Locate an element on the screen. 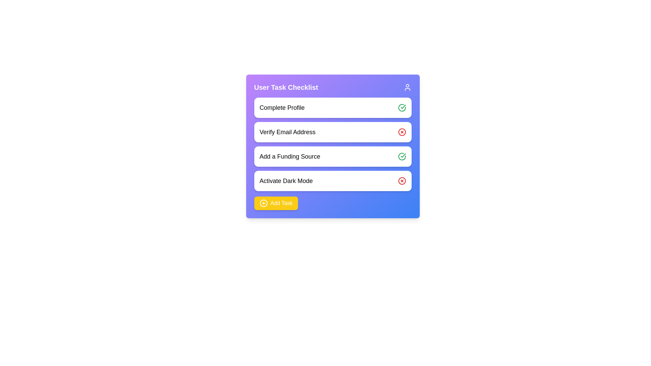  the text label displaying 'Complete Profile' in bold, black font, located at the top of the 'User Task Checklist' panel is located at coordinates (282, 107).